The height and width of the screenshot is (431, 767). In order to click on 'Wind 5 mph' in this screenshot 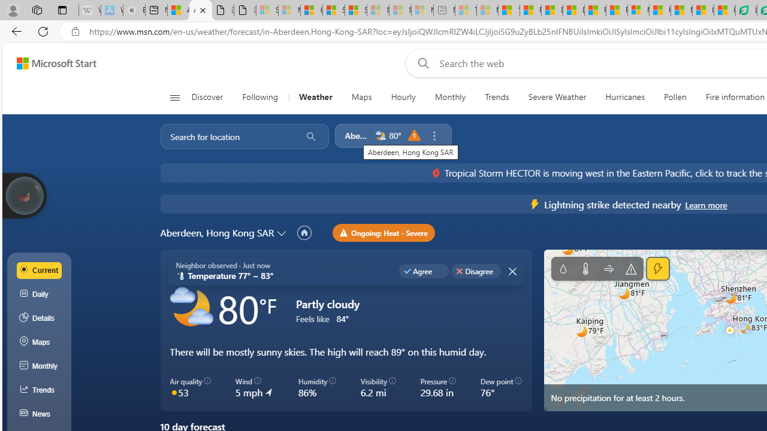, I will do `click(253, 388)`.